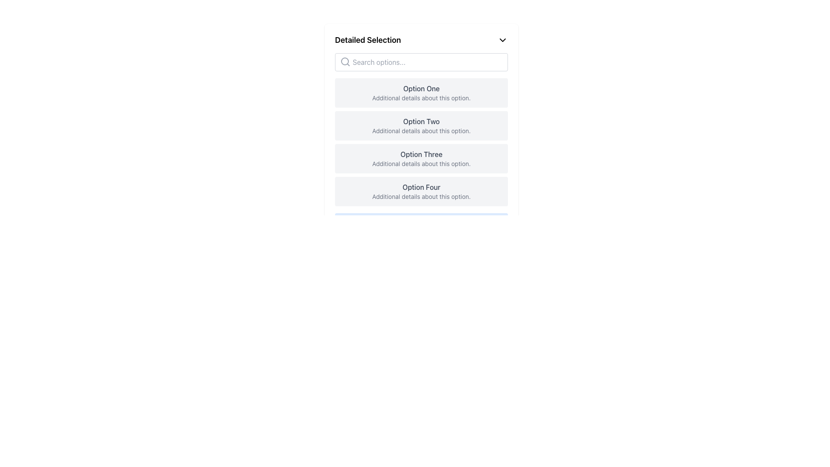  What do you see at coordinates (421, 163) in the screenshot?
I see `the text label that provides supplementary information for 'Option Three', located directly below the option's title in the third position of the list` at bounding box center [421, 163].